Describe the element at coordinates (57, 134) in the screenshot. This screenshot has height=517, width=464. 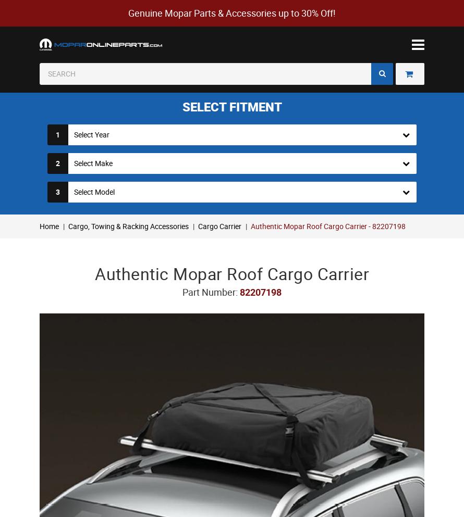
I see `'1'` at that location.